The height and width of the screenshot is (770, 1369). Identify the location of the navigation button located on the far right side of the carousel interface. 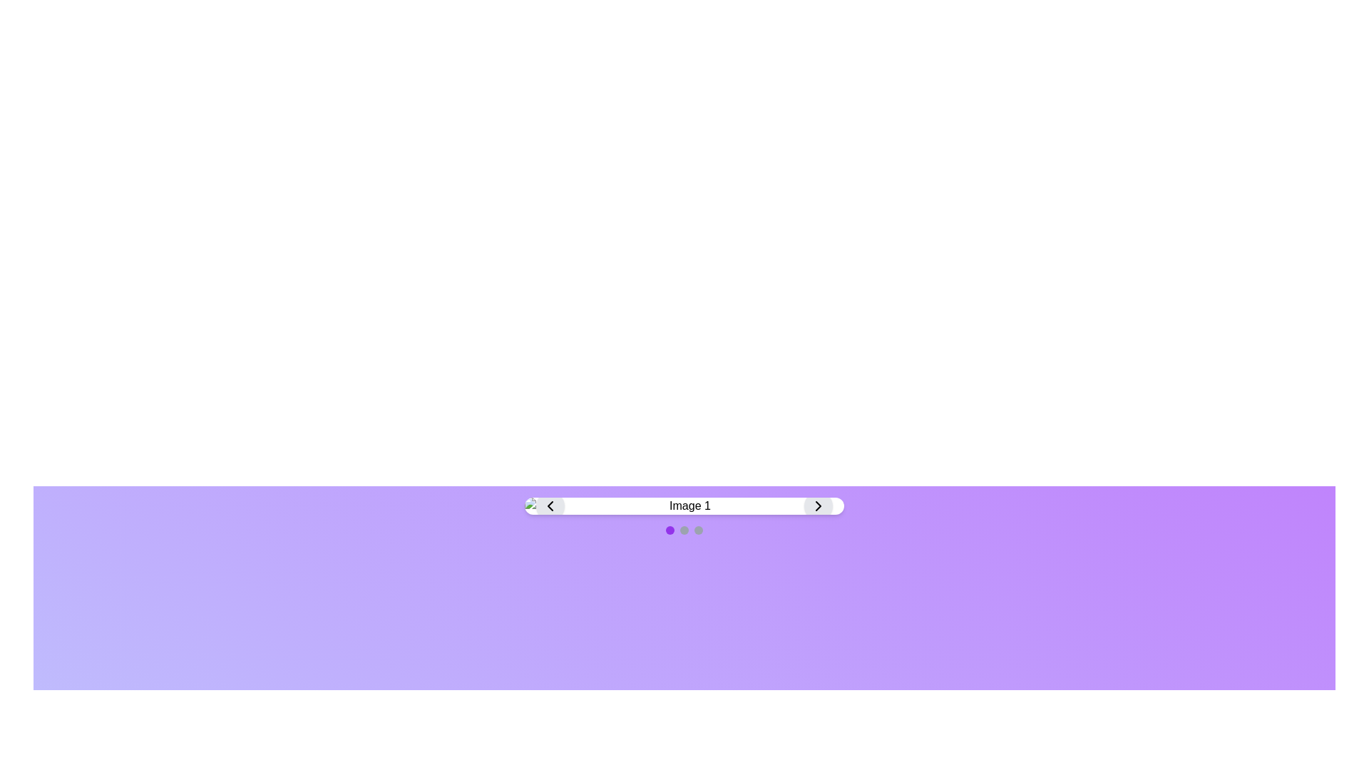
(818, 505).